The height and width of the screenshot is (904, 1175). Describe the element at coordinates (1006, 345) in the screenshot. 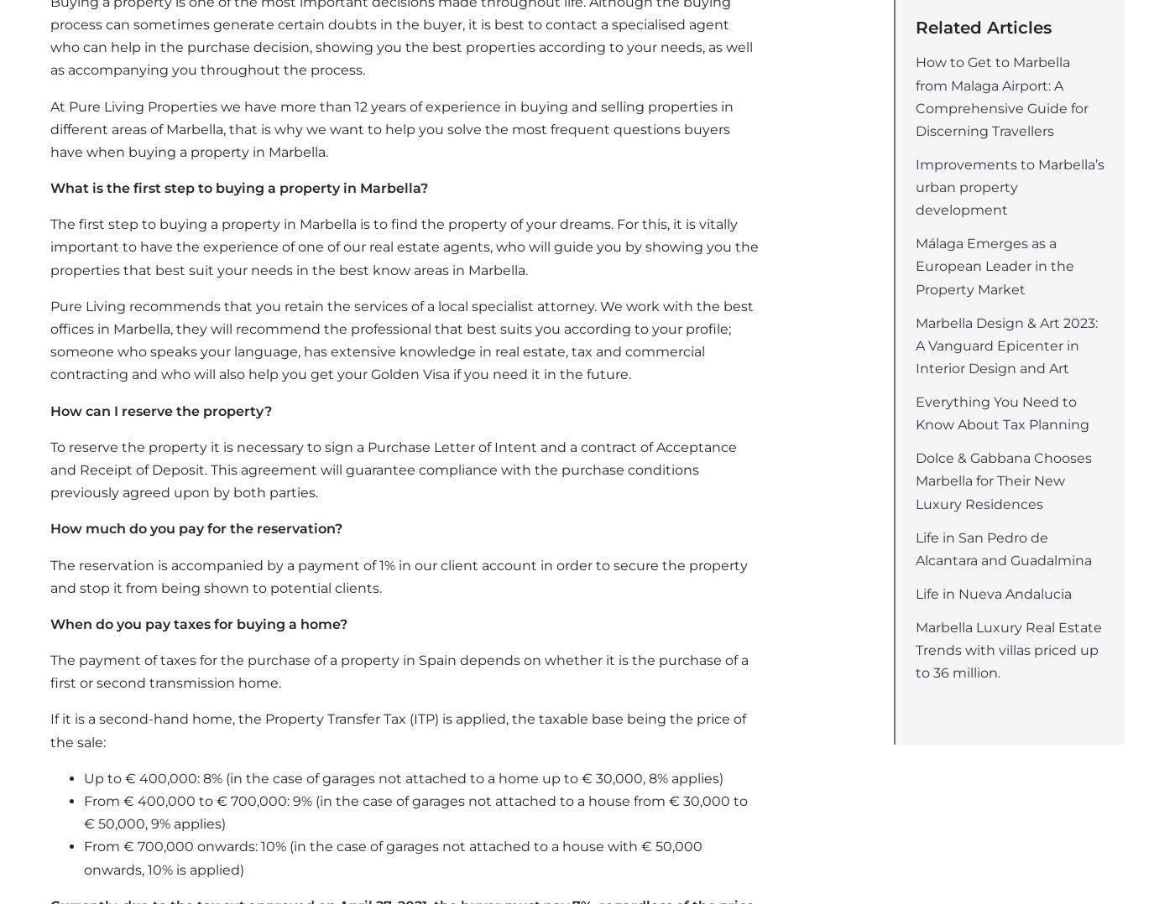

I see `'Marbella Design & Art 2023: A Vanguard Epicenter in Interior Design and Art'` at that location.